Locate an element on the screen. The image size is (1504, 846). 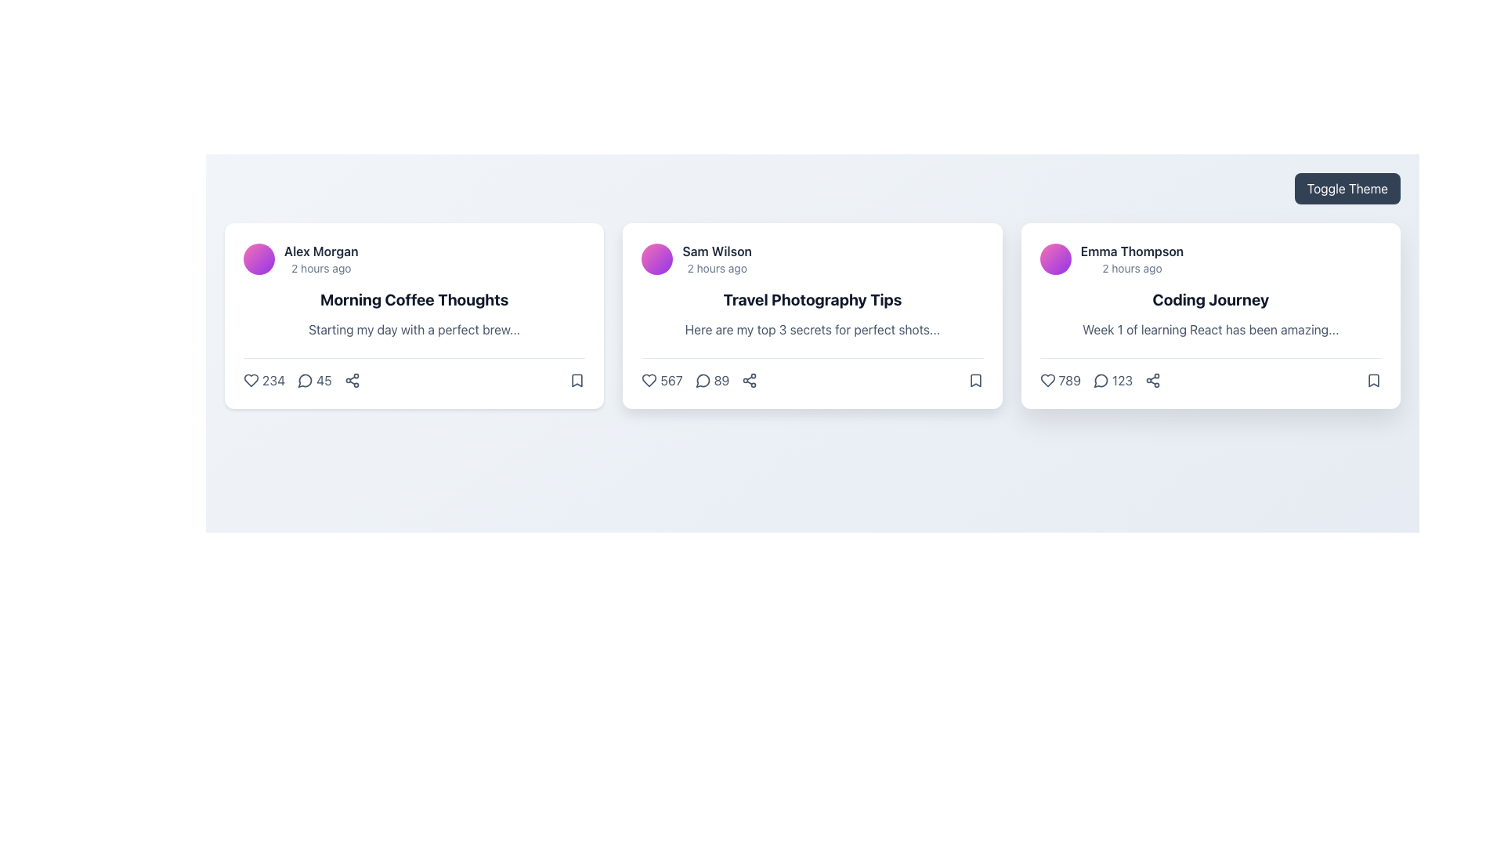
the text label displaying the number '789', which is styled in slate gray and changes to pink on hover, located next to a heart icon under the third card in a three-card row layout is located at coordinates (1060, 381).